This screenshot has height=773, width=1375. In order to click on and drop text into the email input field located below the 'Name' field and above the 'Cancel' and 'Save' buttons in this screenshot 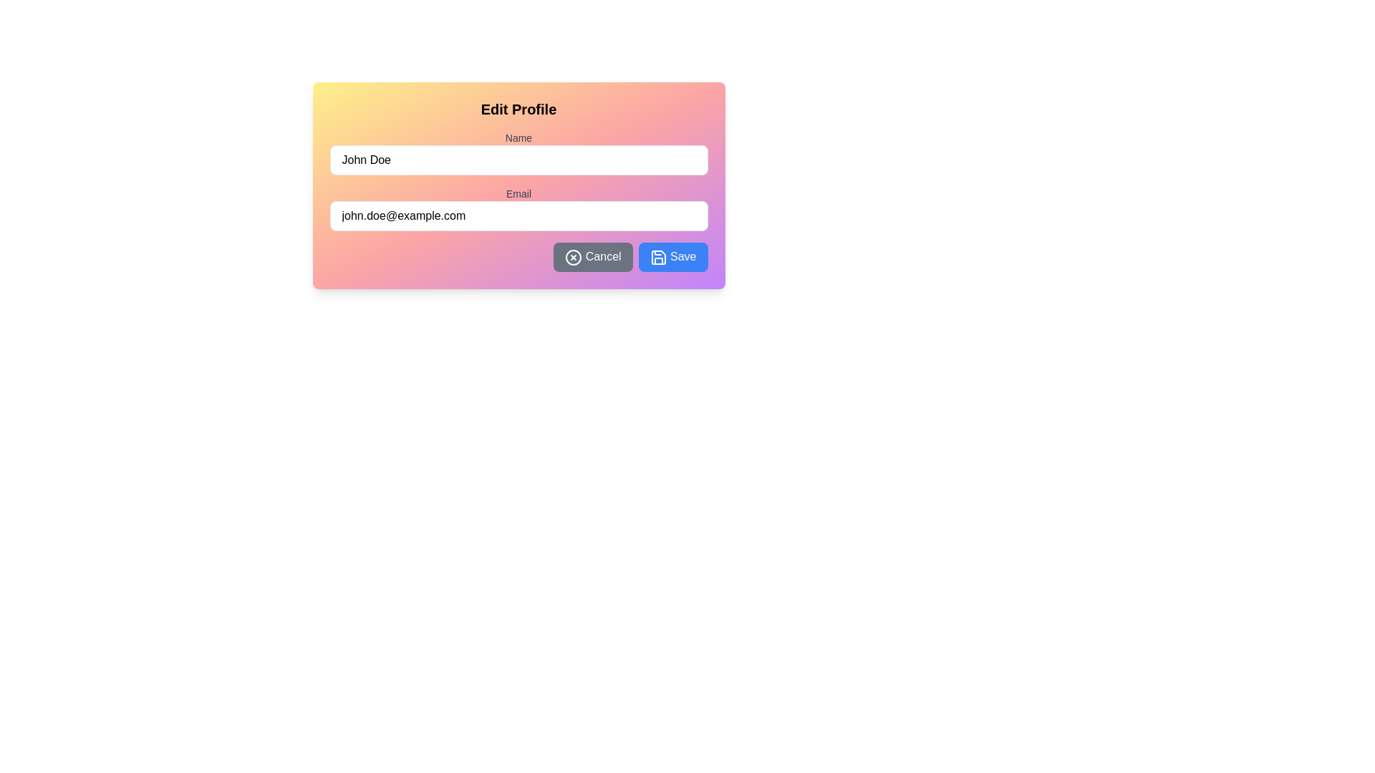, I will do `click(518, 221)`.